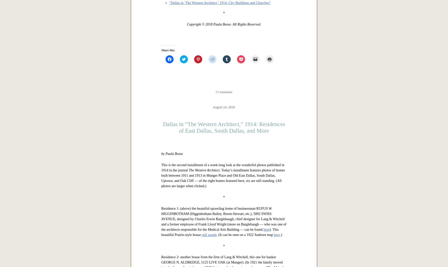 Image resolution: width=448 pixels, height=267 pixels. Describe the element at coordinates (227, 119) in the screenshot. I see `'“Dallas in ‘The Western Architect,’ 1914: Residences of East Dallas, South Dallas, and More”'` at that location.